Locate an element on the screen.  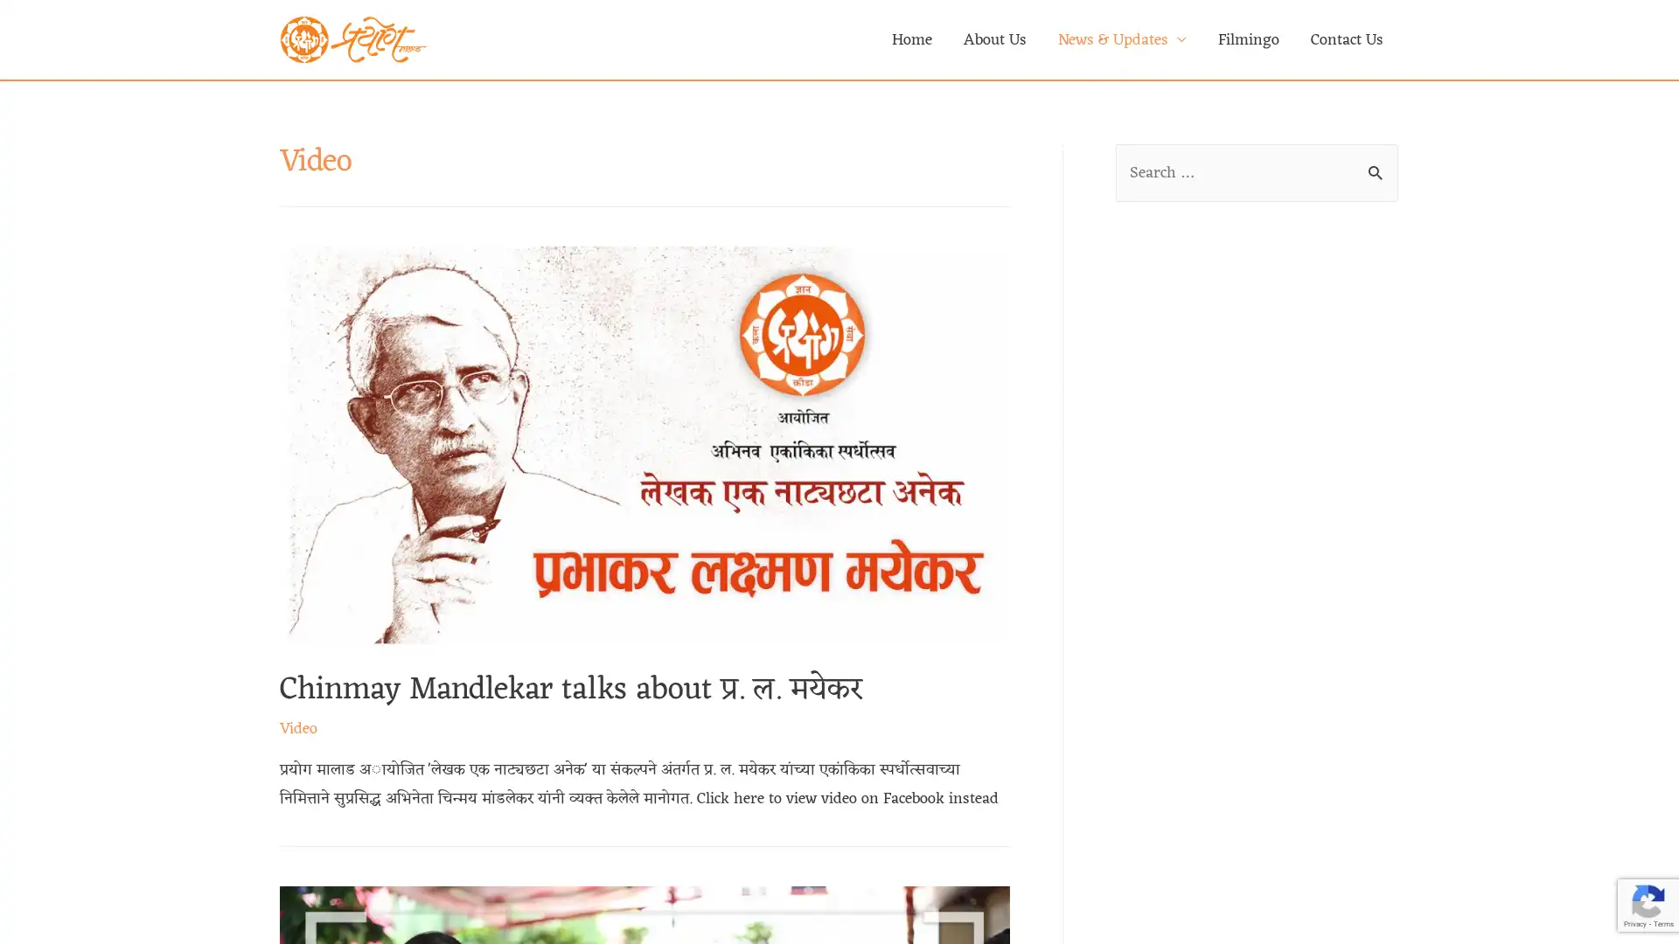
Search is located at coordinates (1377, 163).